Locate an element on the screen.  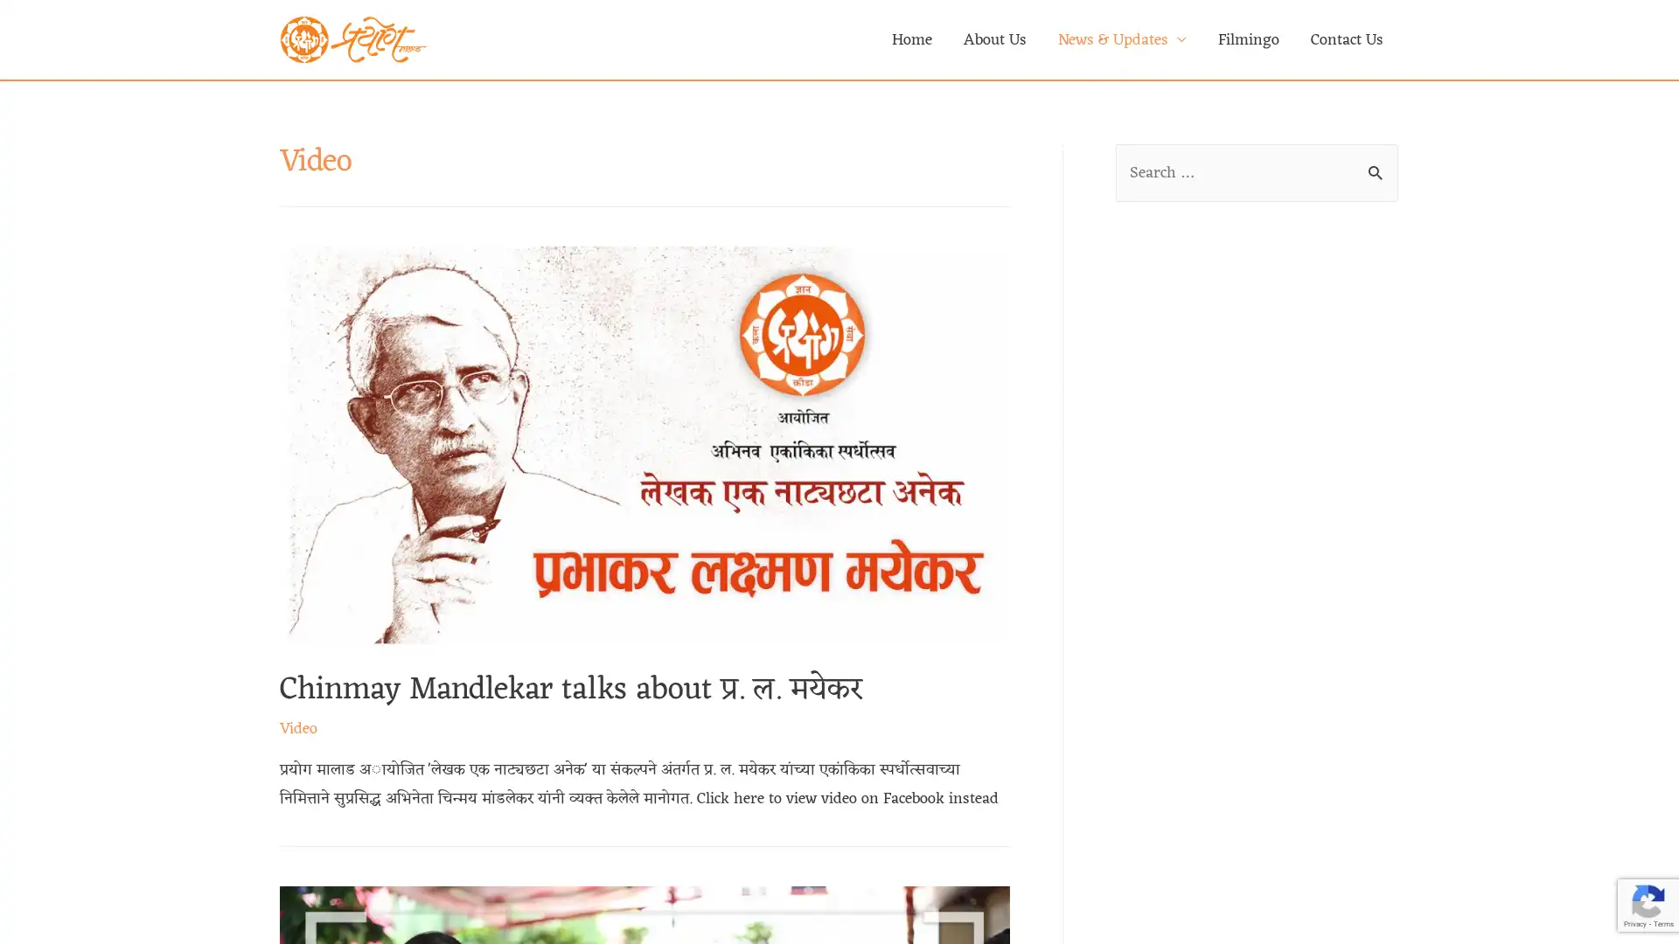
Search is located at coordinates (1377, 163).